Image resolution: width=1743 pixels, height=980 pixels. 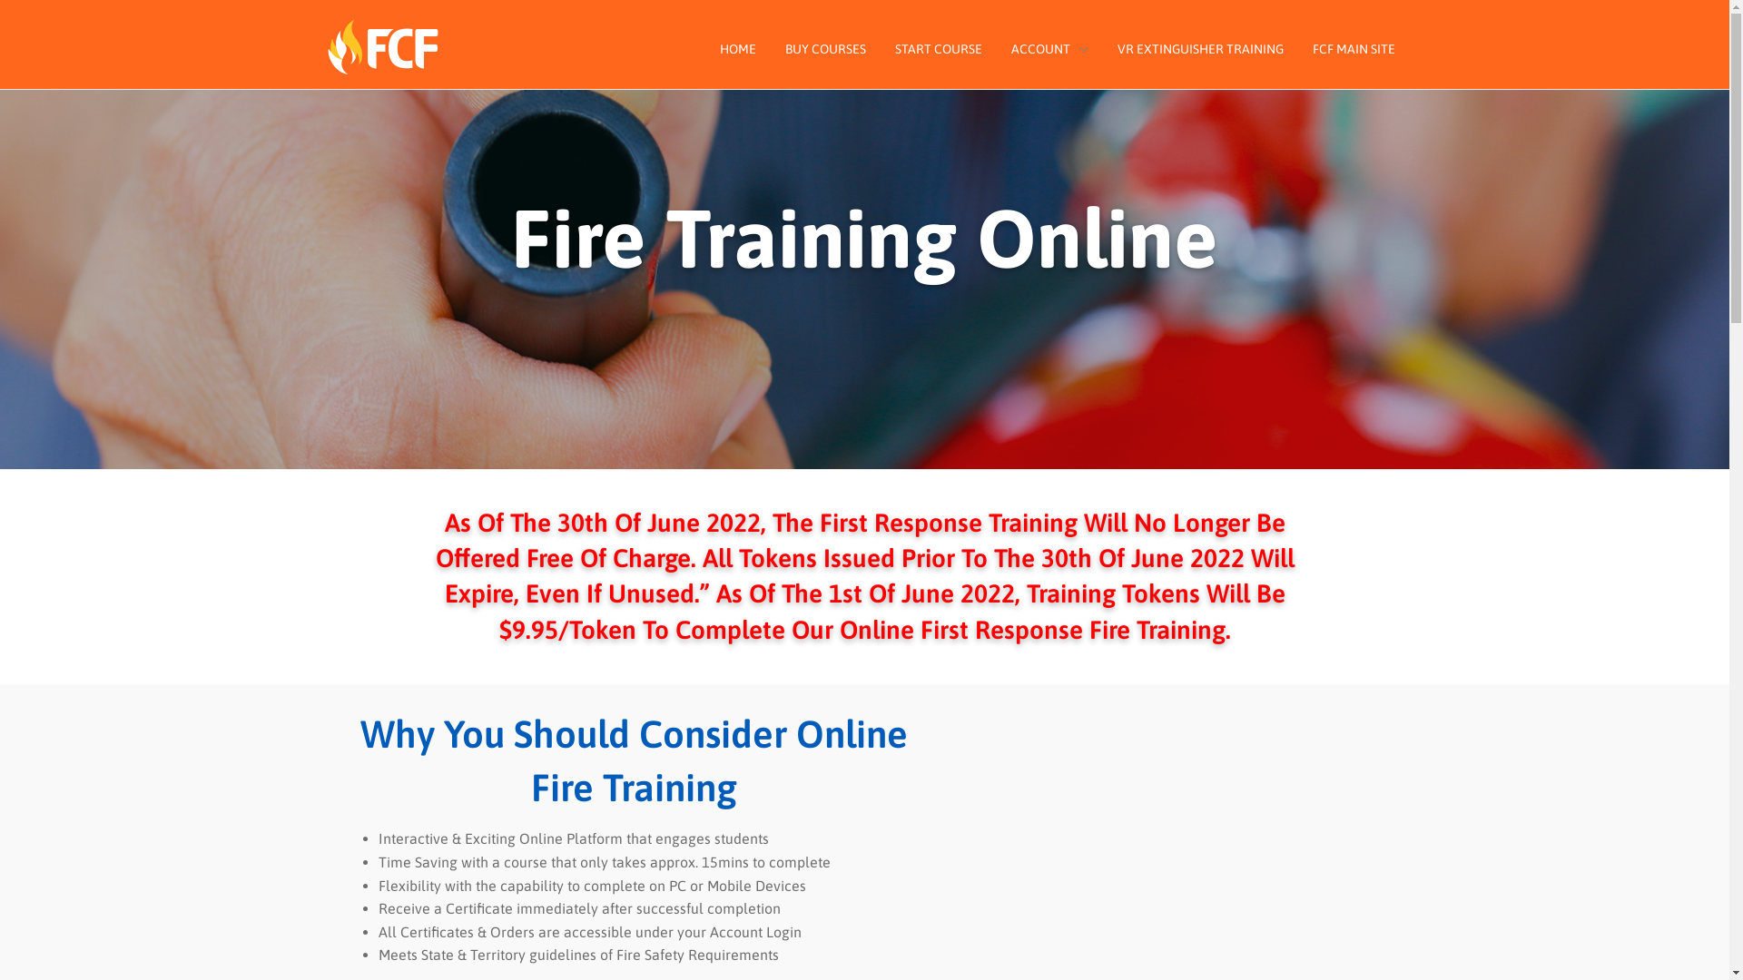 I want to click on 'FCF MAIN SITE', so click(x=1354, y=47).